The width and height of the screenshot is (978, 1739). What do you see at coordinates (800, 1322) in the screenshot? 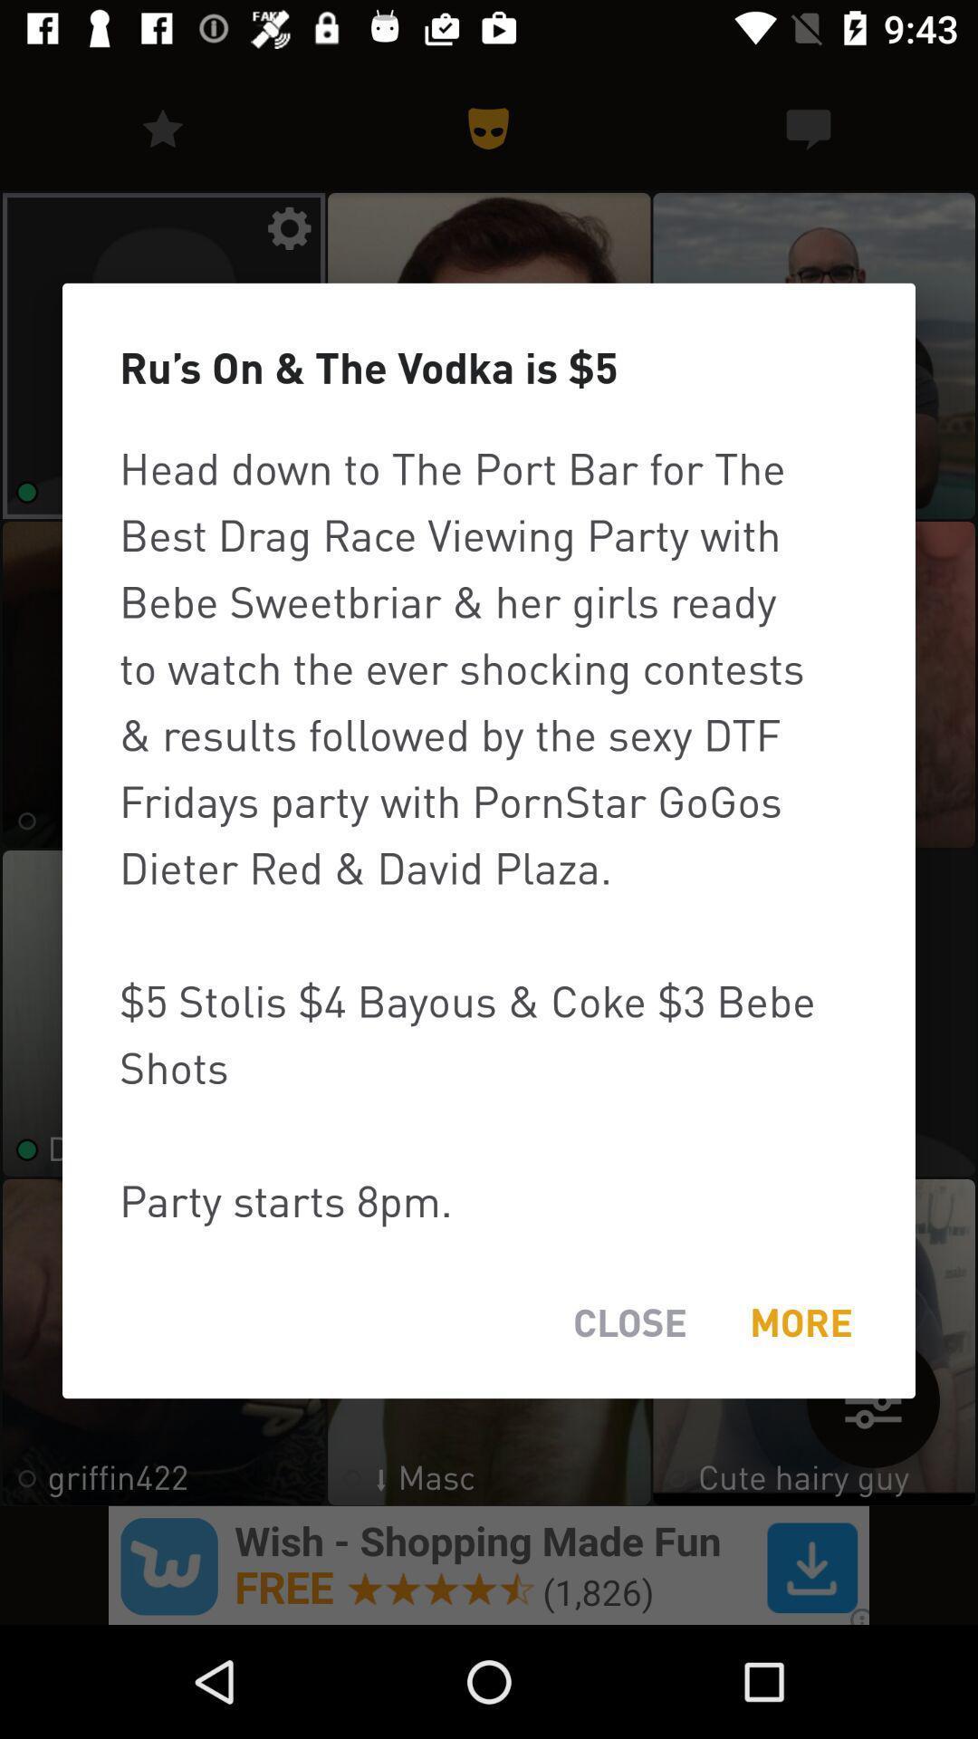
I see `the item to the right of close` at bounding box center [800, 1322].